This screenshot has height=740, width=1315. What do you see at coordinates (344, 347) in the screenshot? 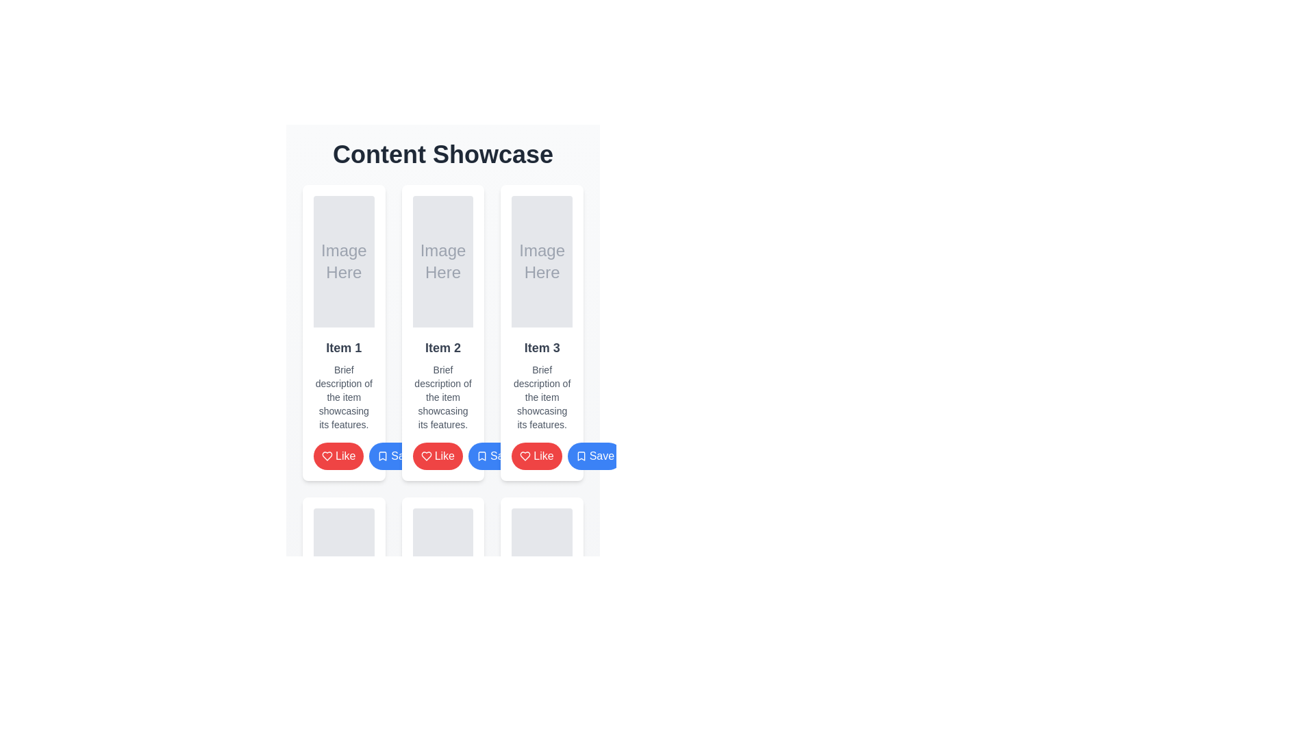
I see `text from the label displaying 'Item 1', which is bold and semibold in dark gray color, positioned beneath the 'Image Here' placeholder` at bounding box center [344, 347].